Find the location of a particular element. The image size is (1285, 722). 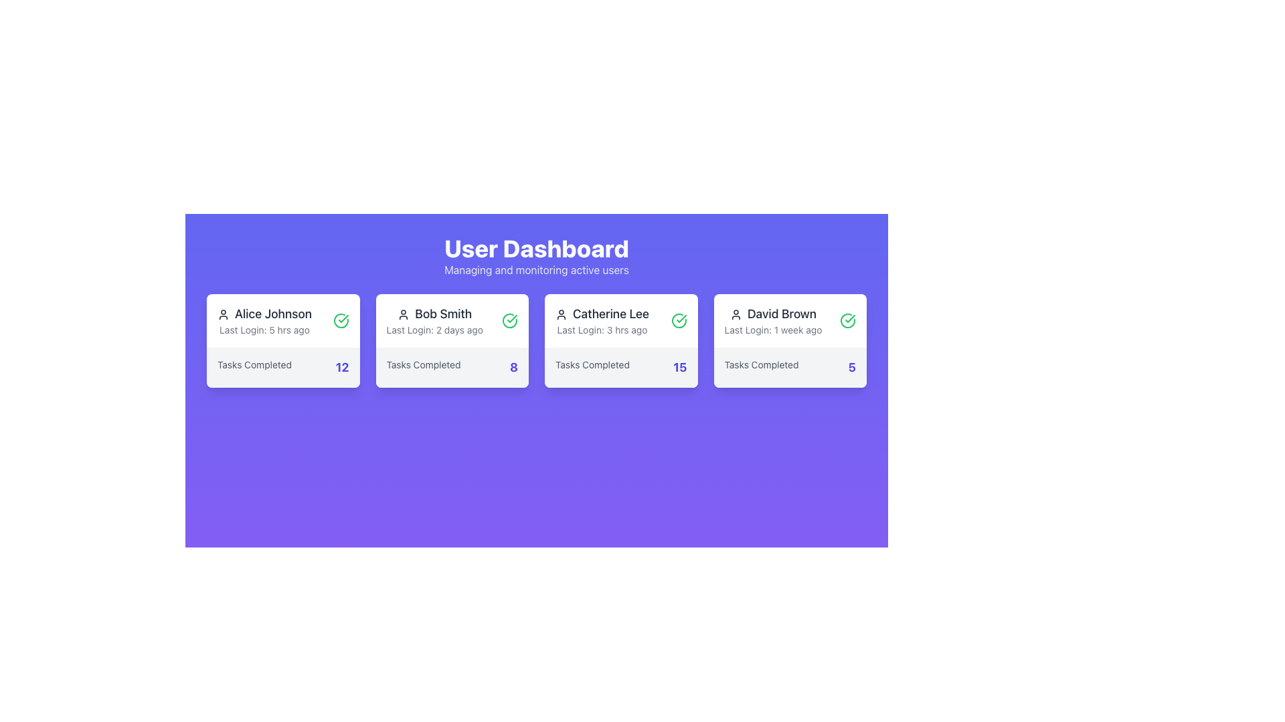

the user avatar icon associated with 'Alice Johnson' located at the top-left corner of the card in the User Dashboard for potential interactivity is located at coordinates (224, 314).